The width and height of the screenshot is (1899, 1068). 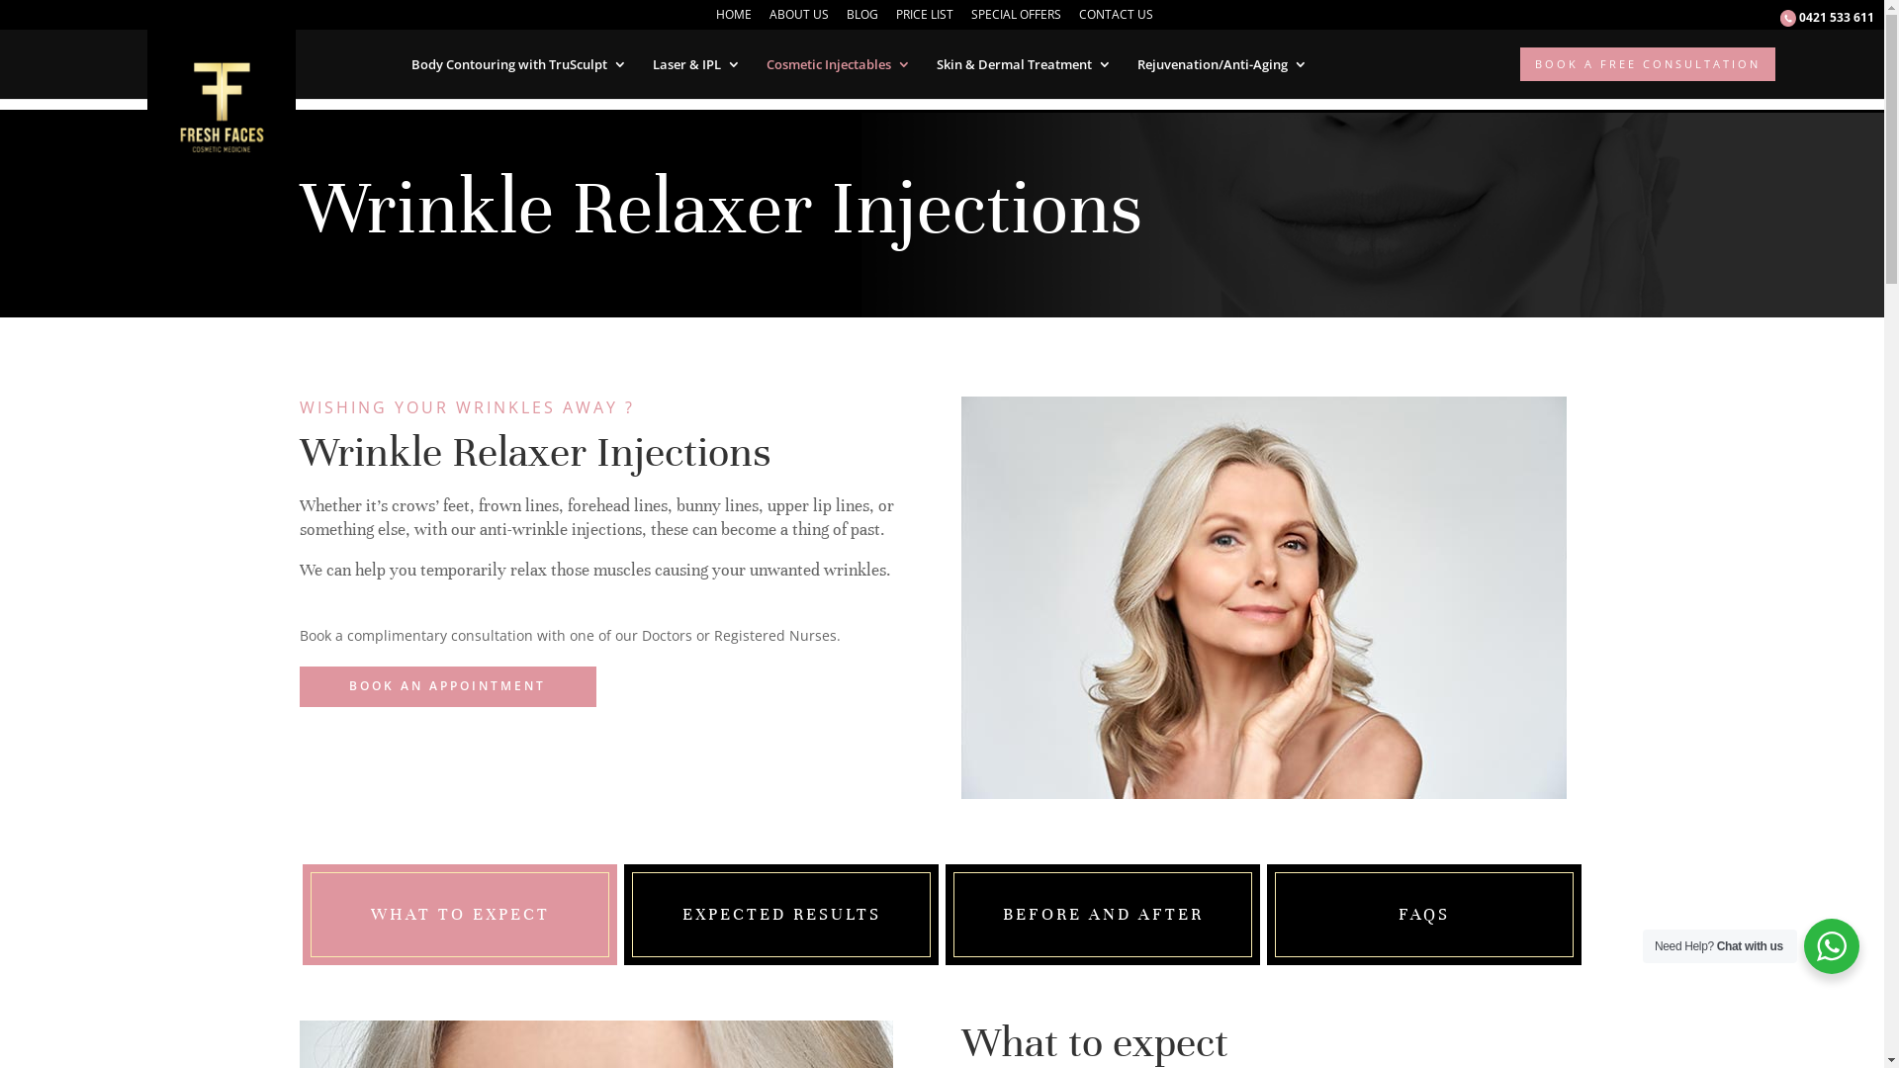 What do you see at coordinates (1023, 63) in the screenshot?
I see `'Skin & Dermal Treatment'` at bounding box center [1023, 63].